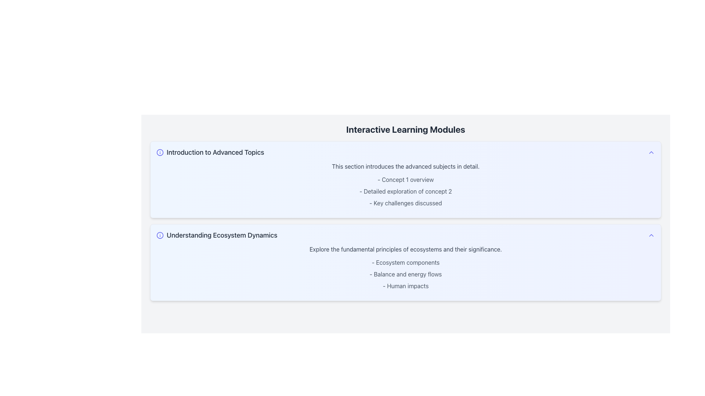  I want to click on the circular SVG graphical element in pastel indigo located to the left of the 'Introduction to Advanced Topics' text, so click(160, 152).